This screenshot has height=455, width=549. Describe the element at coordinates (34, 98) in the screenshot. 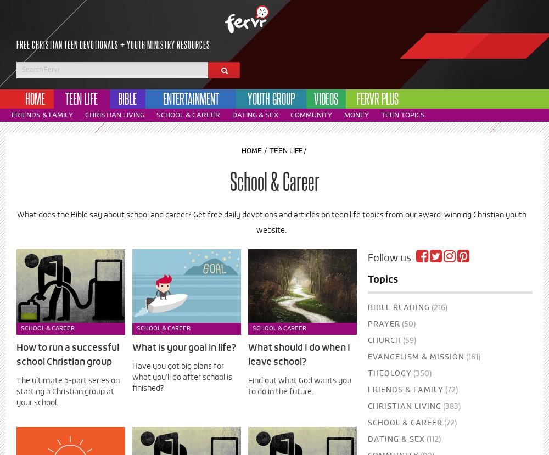

I see `'home'` at that location.